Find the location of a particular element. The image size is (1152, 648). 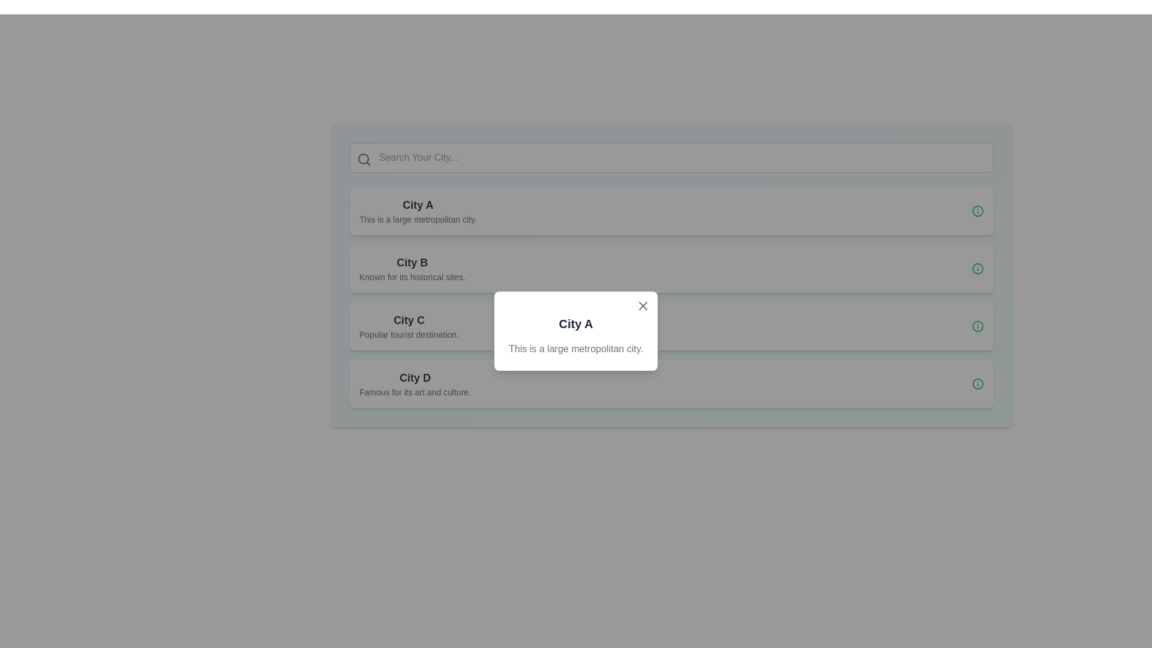

the green circular icon located to the right of the second list item, 'City B', which is the outermost component of the icon is located at coordinates (978, 210).